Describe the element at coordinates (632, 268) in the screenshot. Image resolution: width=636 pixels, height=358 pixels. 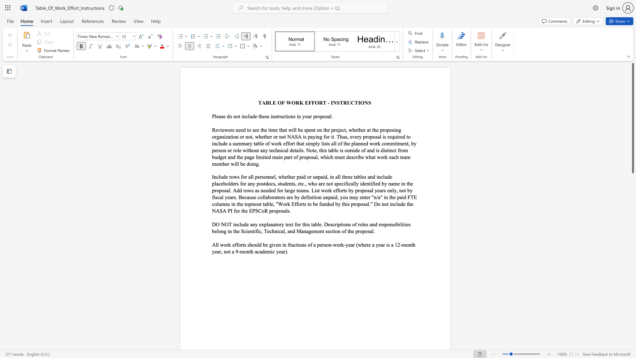
I see `the scrollbar to adjust the page downward` at that location.